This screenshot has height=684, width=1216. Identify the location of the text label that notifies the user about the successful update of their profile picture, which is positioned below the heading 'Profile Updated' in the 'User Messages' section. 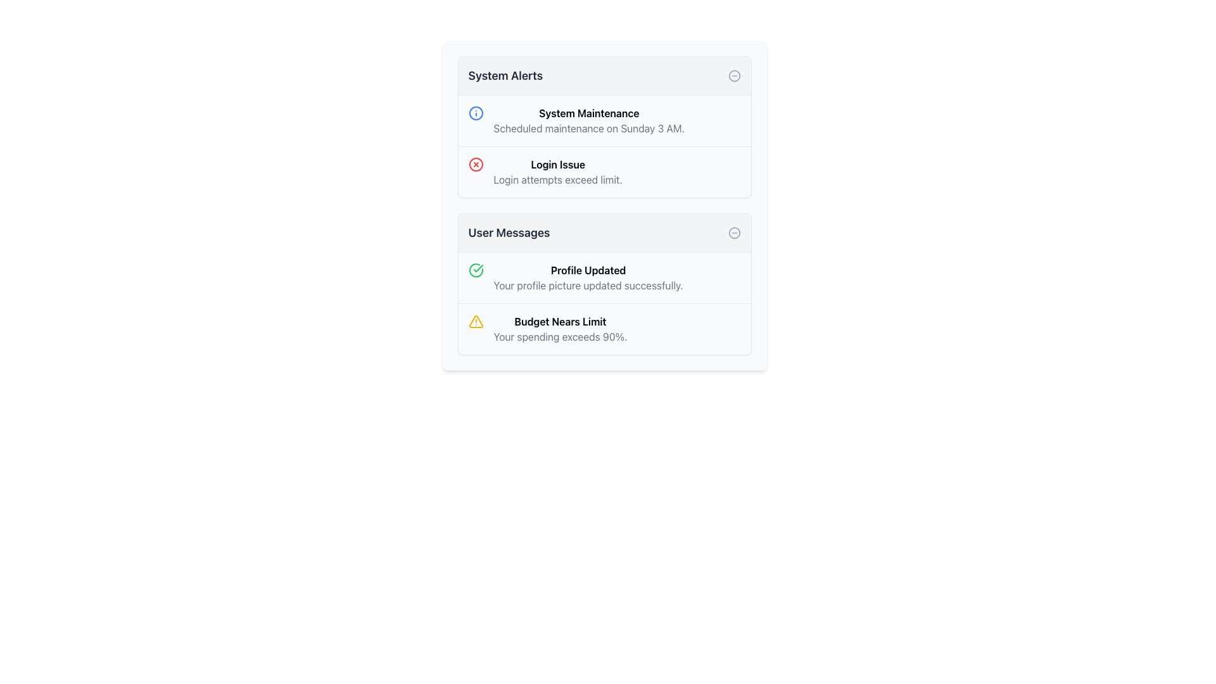
(588, 286).